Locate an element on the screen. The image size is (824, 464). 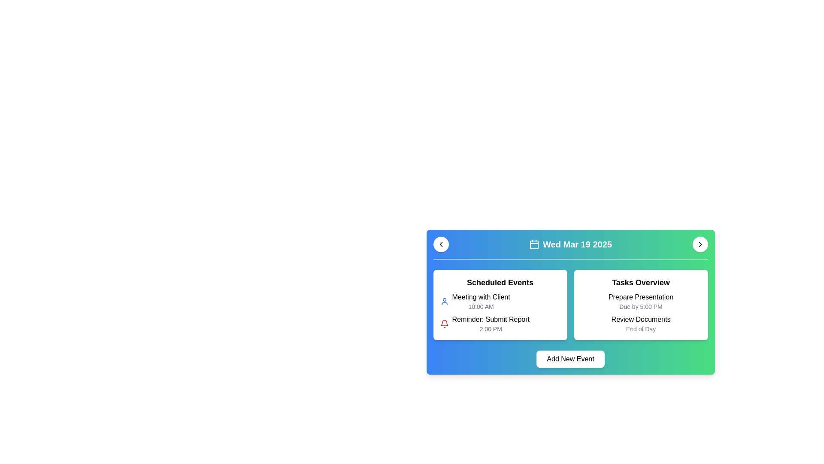
the Text label that indicates the due time of a specific task, located directly below the 'Prepare Presentation' header in the 'Tasks Overview' card is located at coordinates (641, 306).